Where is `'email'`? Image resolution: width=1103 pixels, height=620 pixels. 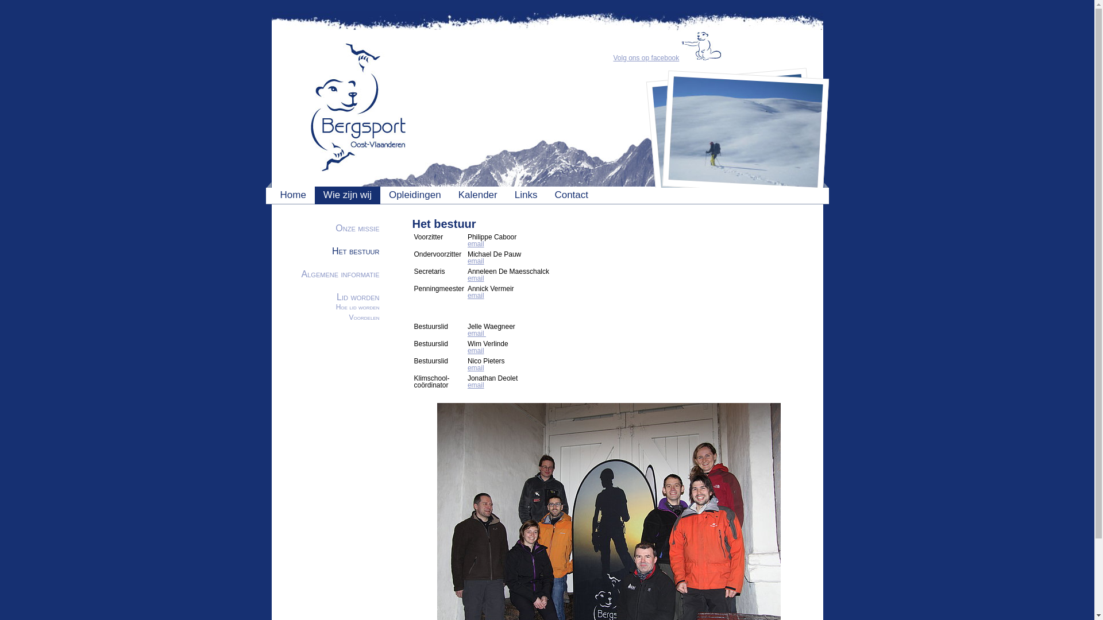
'email' is located at coordinates (476, 385).